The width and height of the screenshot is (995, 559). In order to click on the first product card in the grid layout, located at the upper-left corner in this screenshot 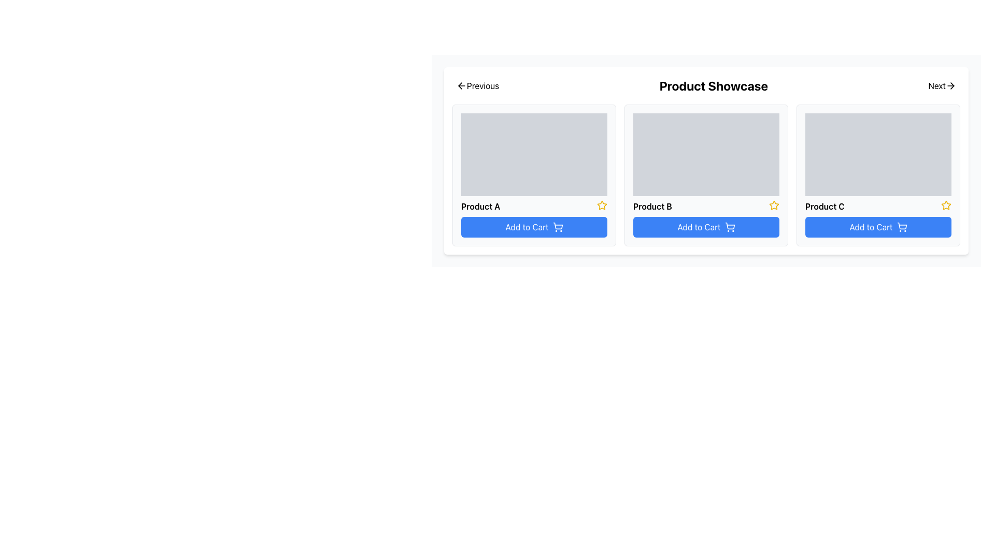, I will do `click(534, 175)`.